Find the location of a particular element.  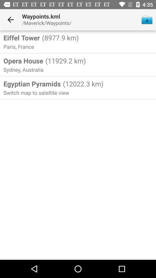

(11929.2 km) item is located at coordinates (64, 61).